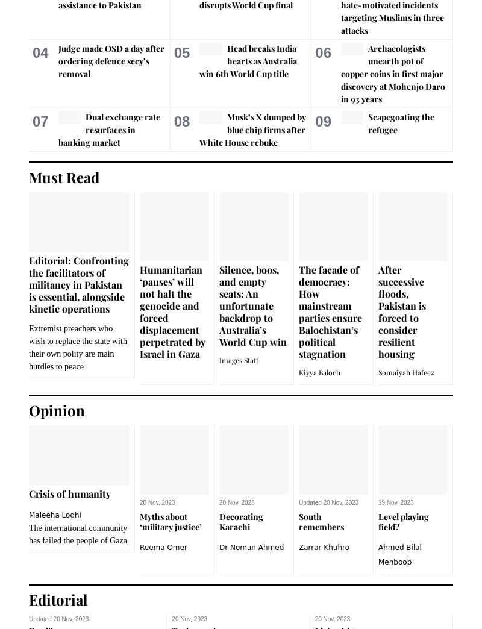 The width and height of the screenshot is (482, 629). Describe the element at coordinates (108, 129) in the screenshot. I see `'Dual exchange rate resurfaces in banking market'` at that location.